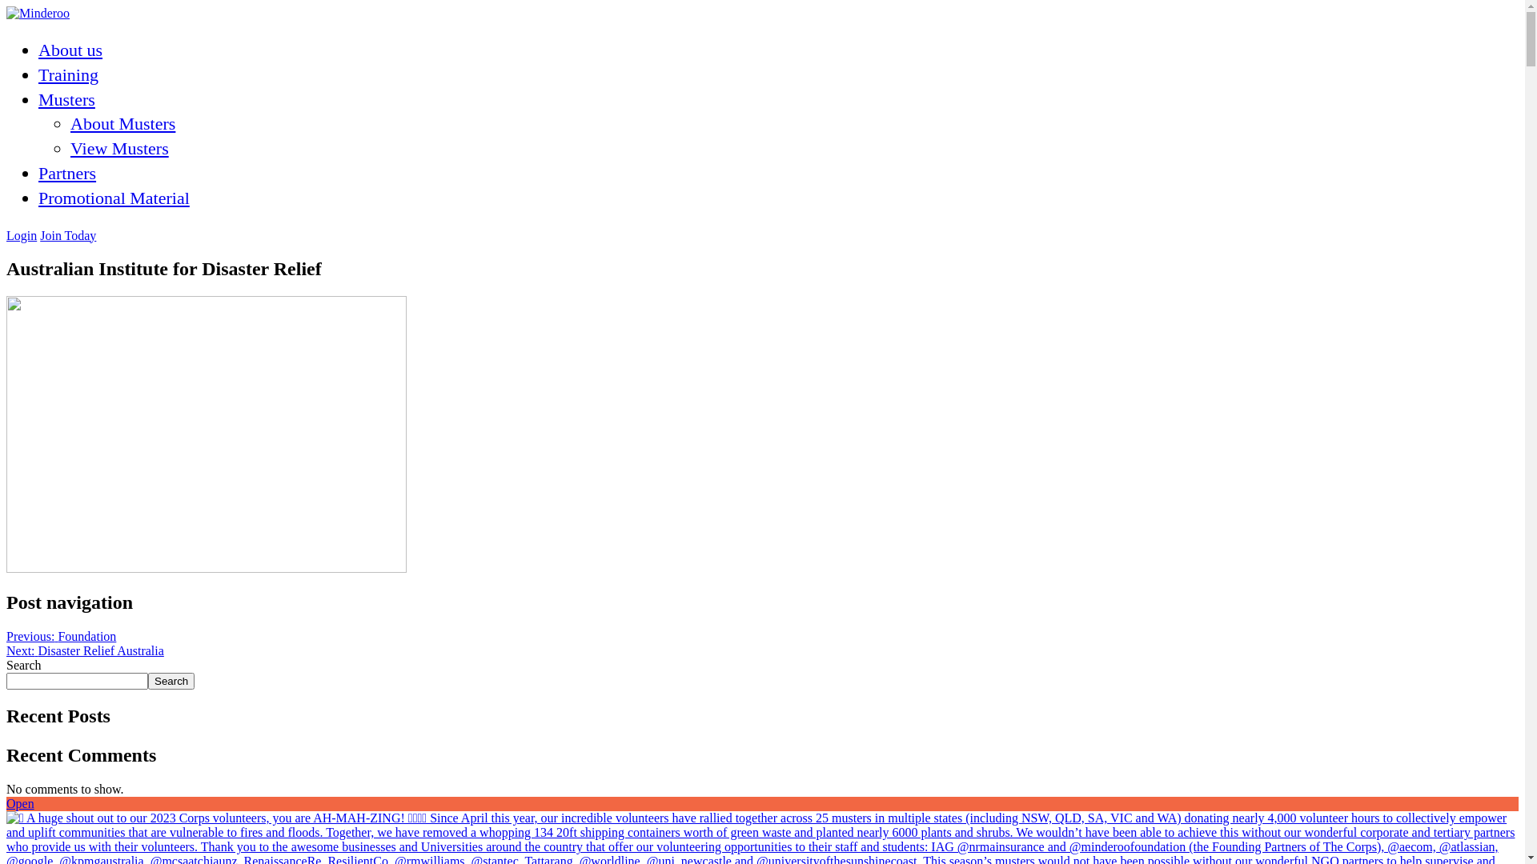  I want to click on 'About us', so click(69, 49).